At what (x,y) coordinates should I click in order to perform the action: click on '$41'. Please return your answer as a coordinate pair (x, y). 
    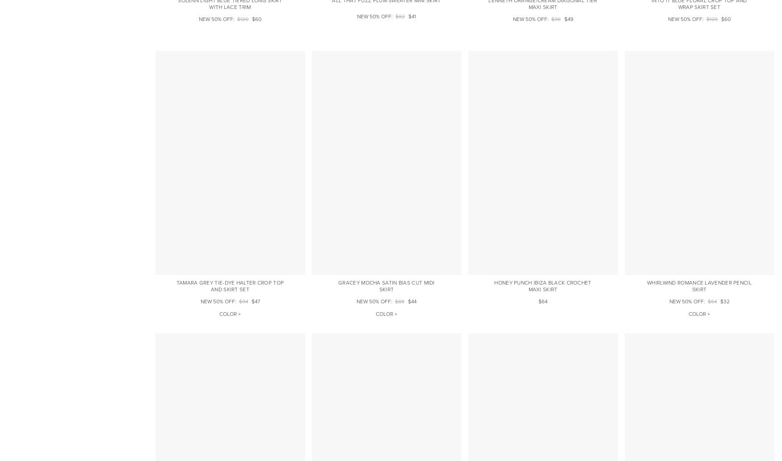
    Looking at the image, I should click on (412, 16).